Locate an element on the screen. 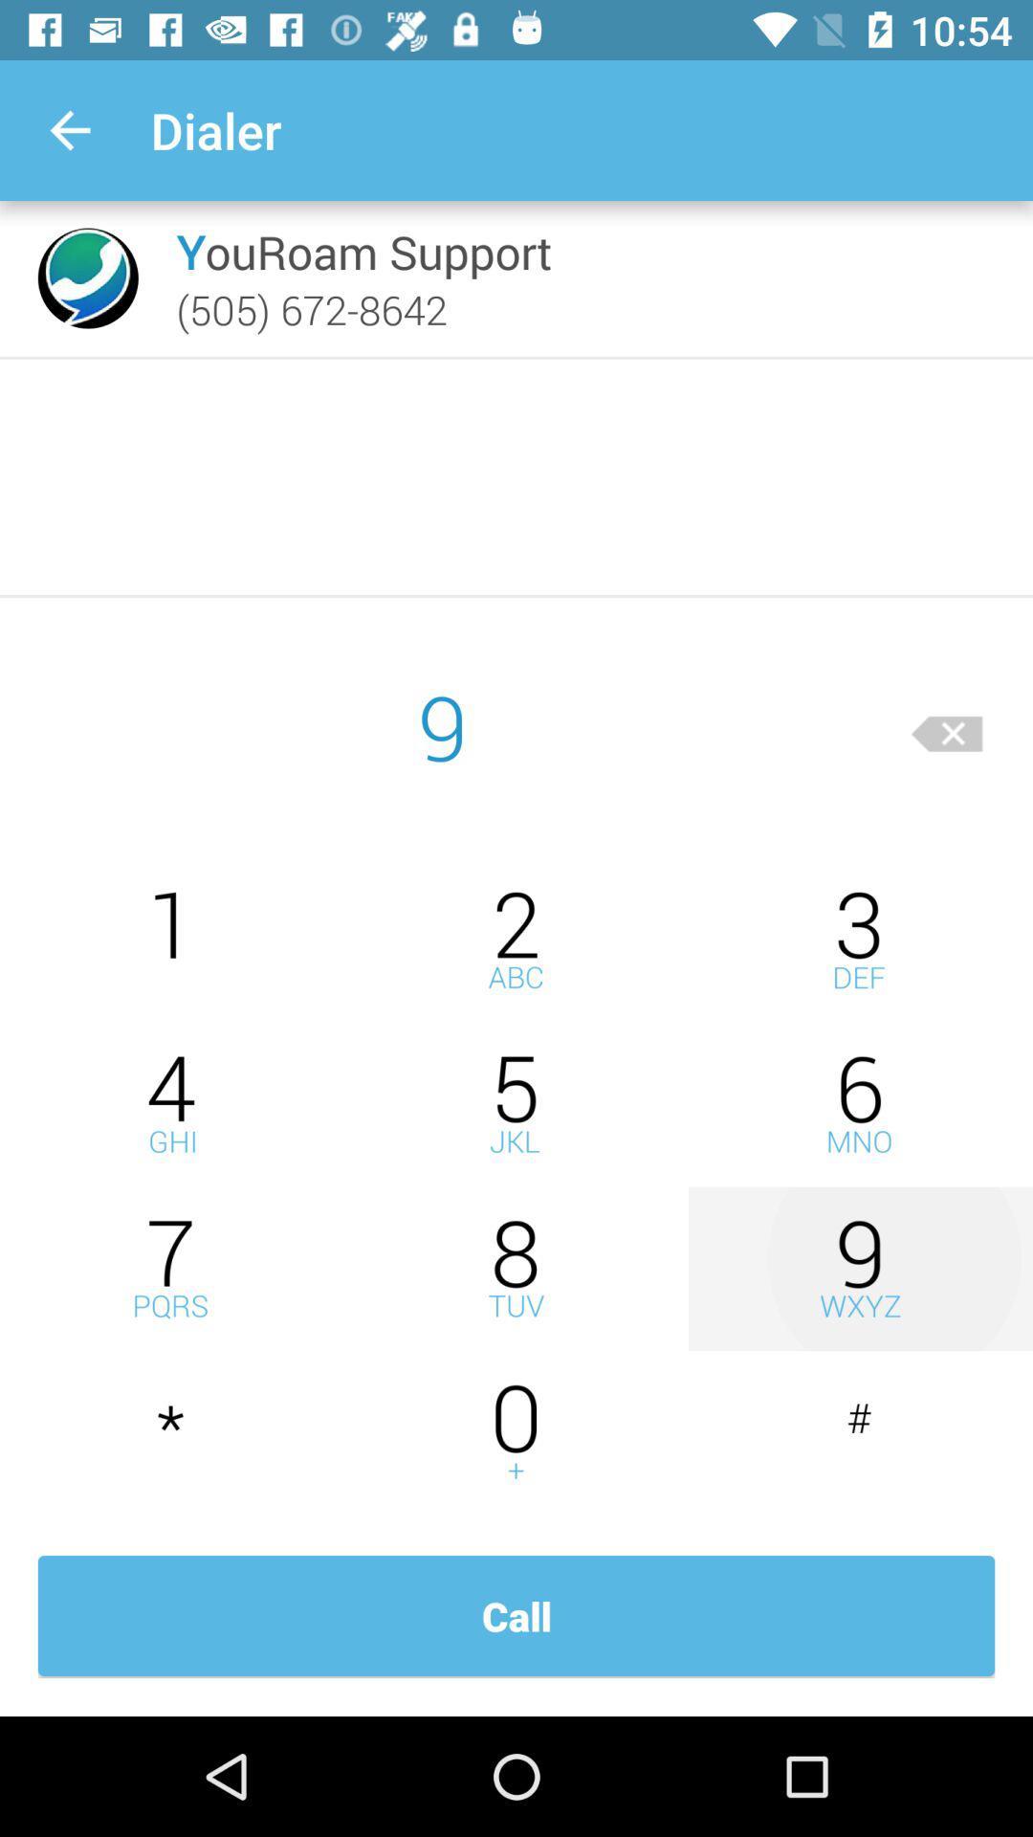  the icon next to dialer item is located at coordinates (69, 129).